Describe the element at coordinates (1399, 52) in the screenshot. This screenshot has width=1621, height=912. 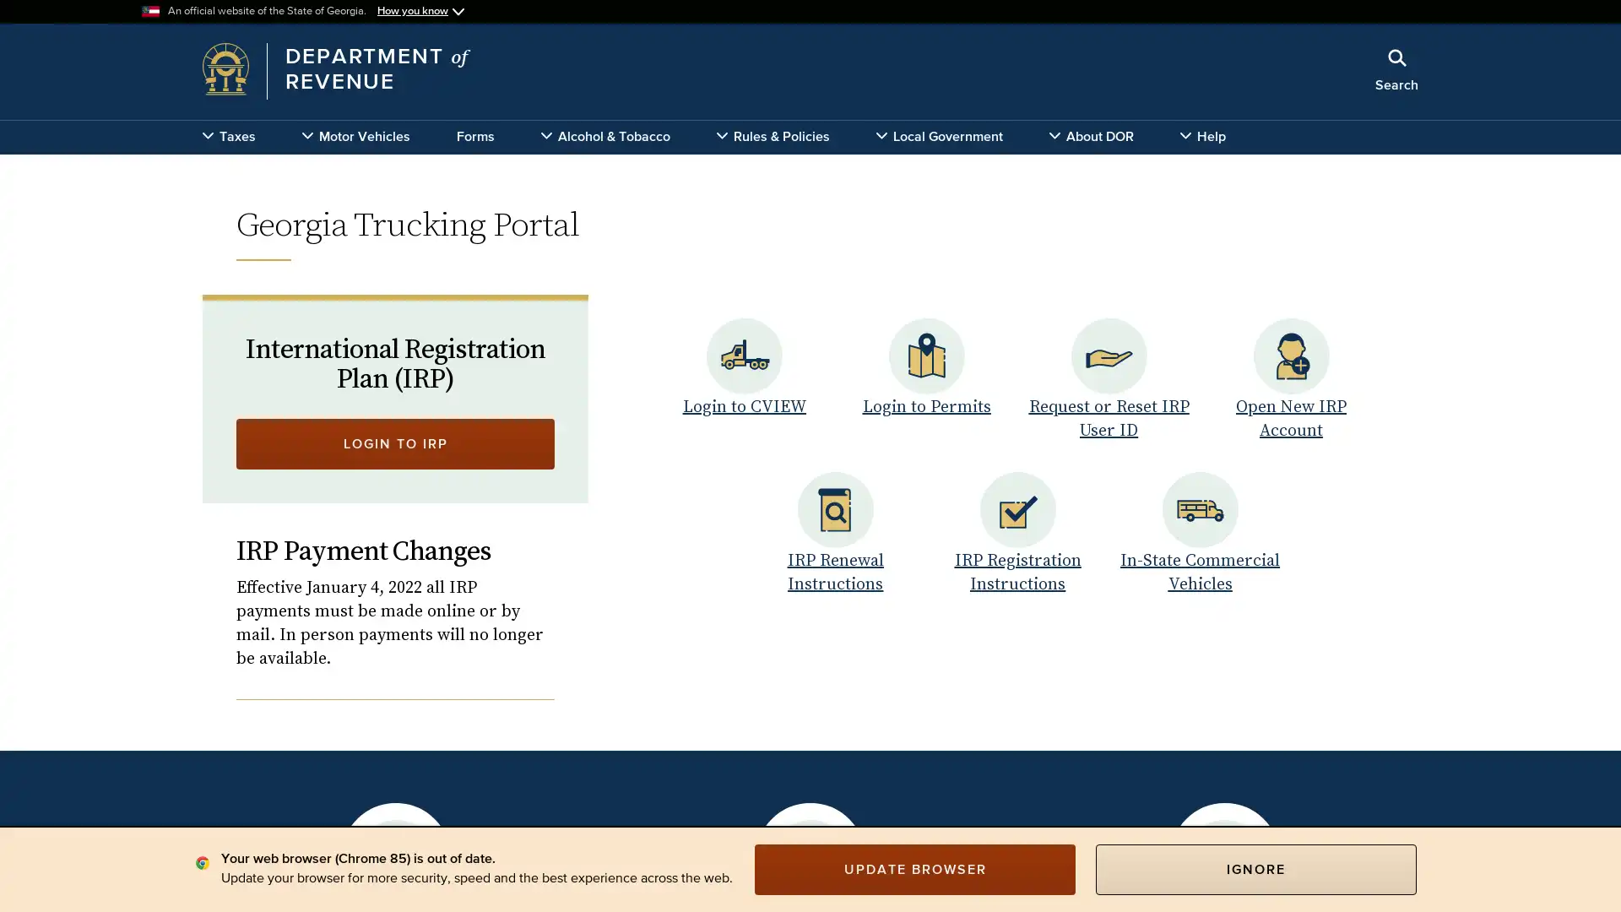
I see `Close` at that location.